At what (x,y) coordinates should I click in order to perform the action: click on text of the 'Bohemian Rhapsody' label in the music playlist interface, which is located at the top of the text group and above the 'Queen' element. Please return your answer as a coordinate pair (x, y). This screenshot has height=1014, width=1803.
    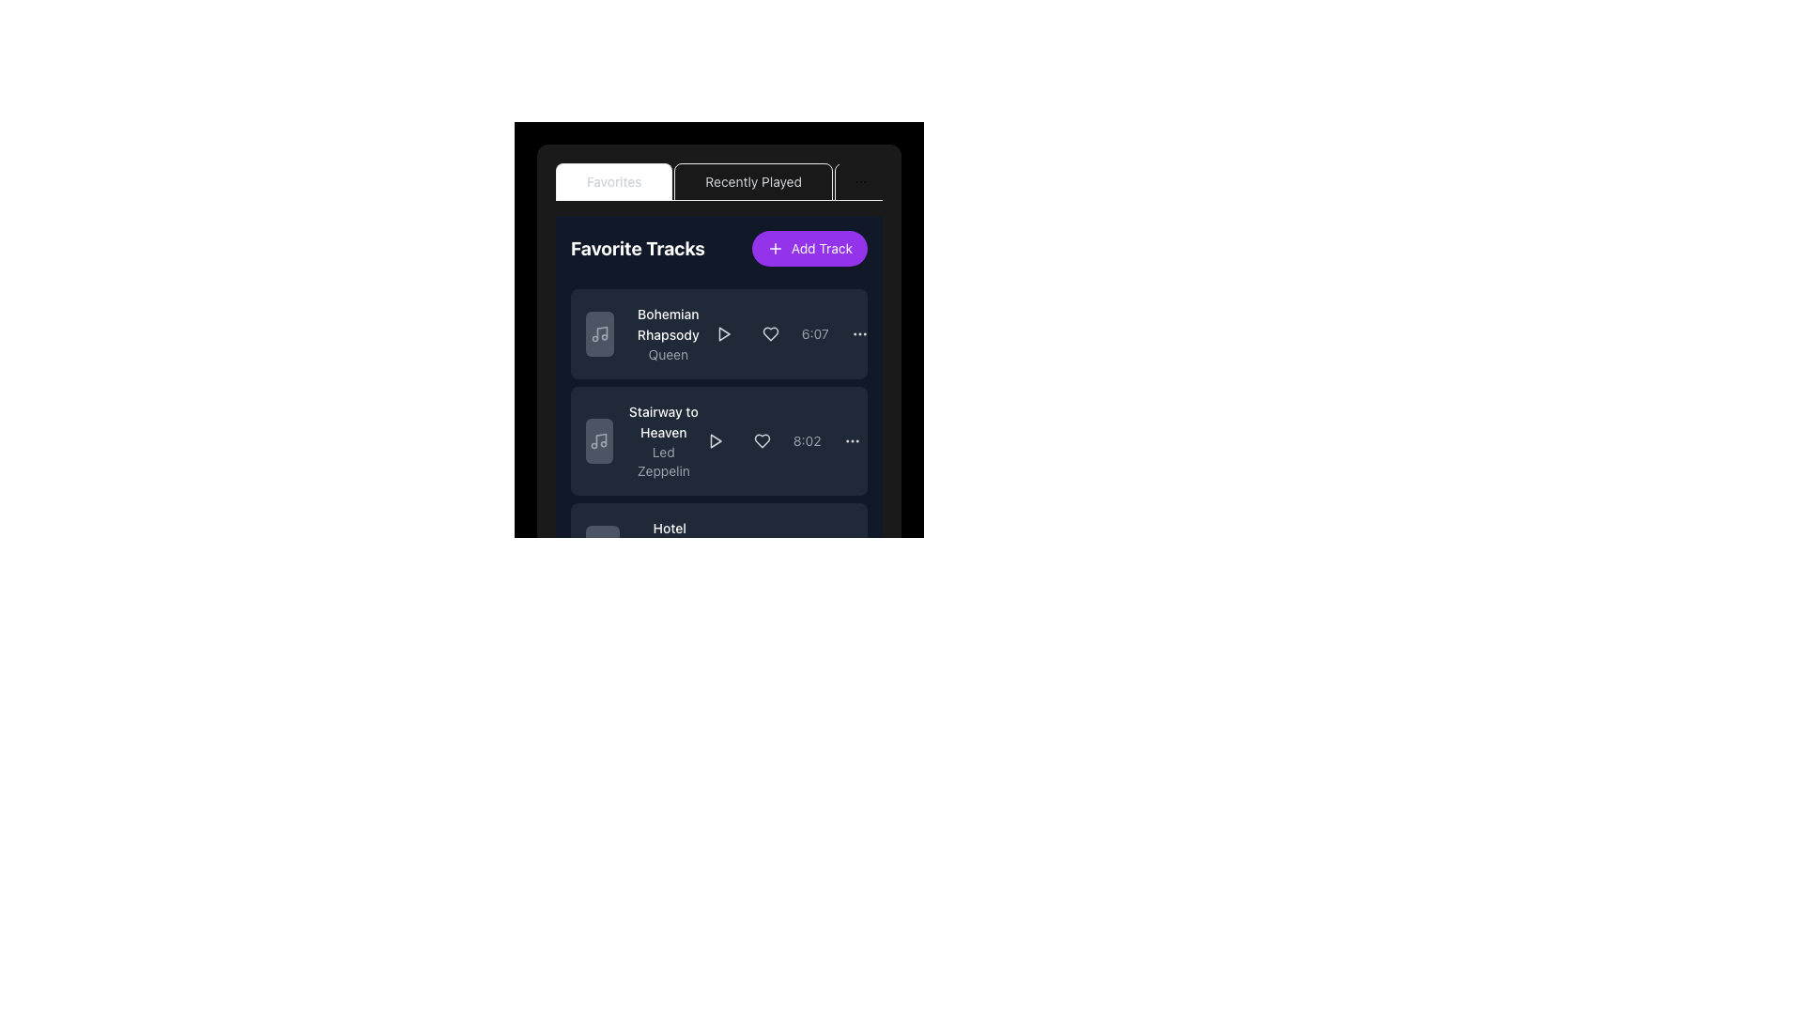
    Looking at the image, I should click on (668, 324).